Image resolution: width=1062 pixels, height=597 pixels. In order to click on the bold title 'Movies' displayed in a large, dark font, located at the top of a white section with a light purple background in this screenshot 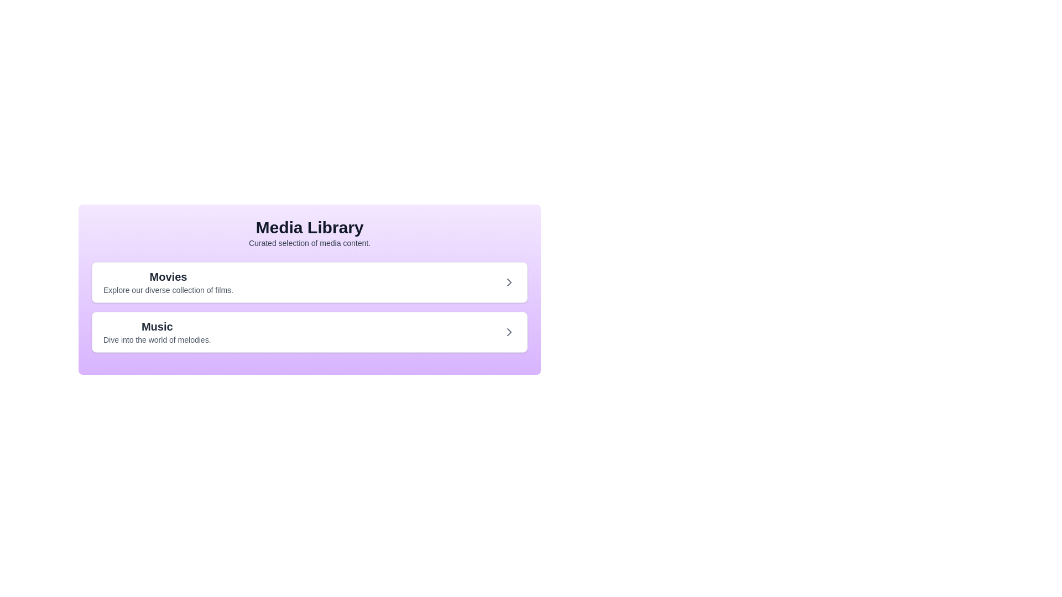, I will do `click(168, 276)`.